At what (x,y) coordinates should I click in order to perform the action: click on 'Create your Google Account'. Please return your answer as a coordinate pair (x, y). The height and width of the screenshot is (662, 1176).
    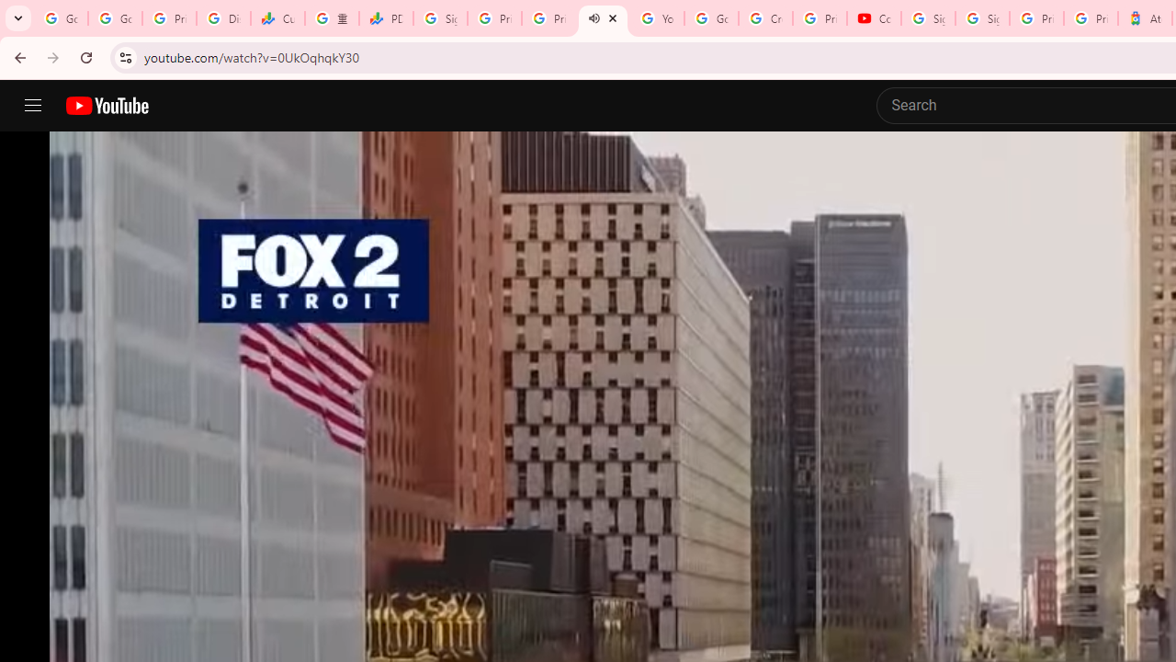
    Looking at the image, I should click on (765, 18).